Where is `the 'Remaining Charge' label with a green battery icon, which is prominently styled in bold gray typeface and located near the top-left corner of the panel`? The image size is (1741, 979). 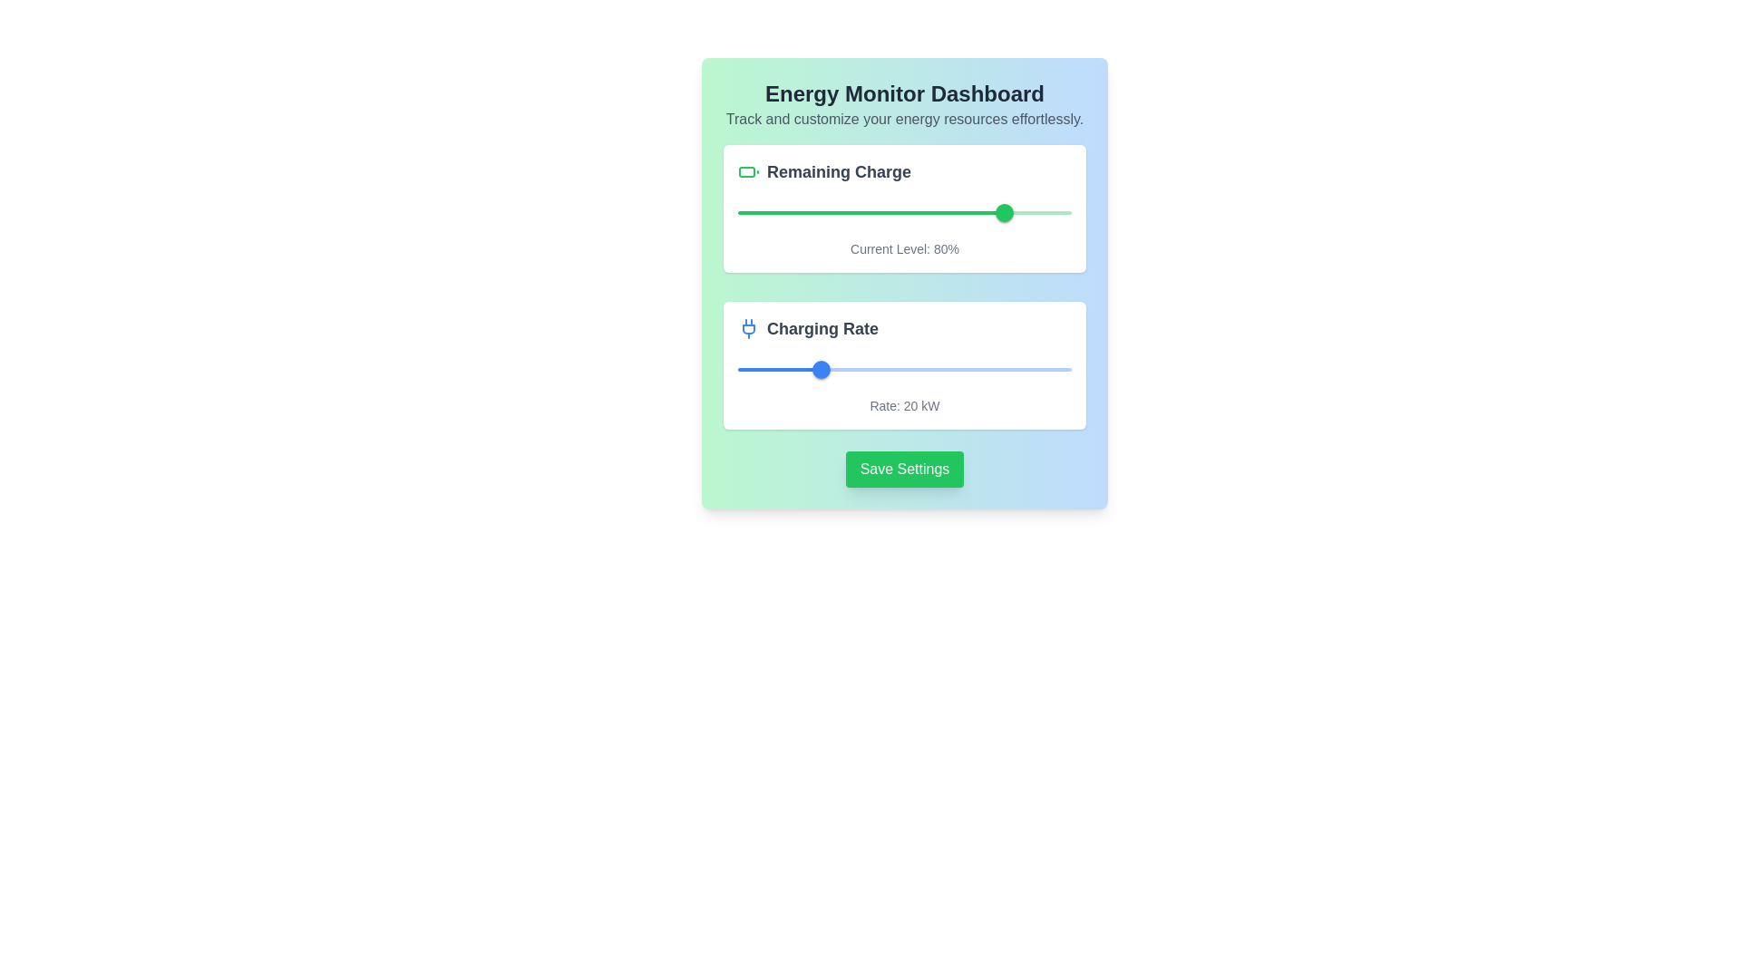
the 'Remaining Charge' label with a green battery icon, which is prominently styled in bold gray typeface and located near the top-left corner of the panel is located at coordinates (905, 171).